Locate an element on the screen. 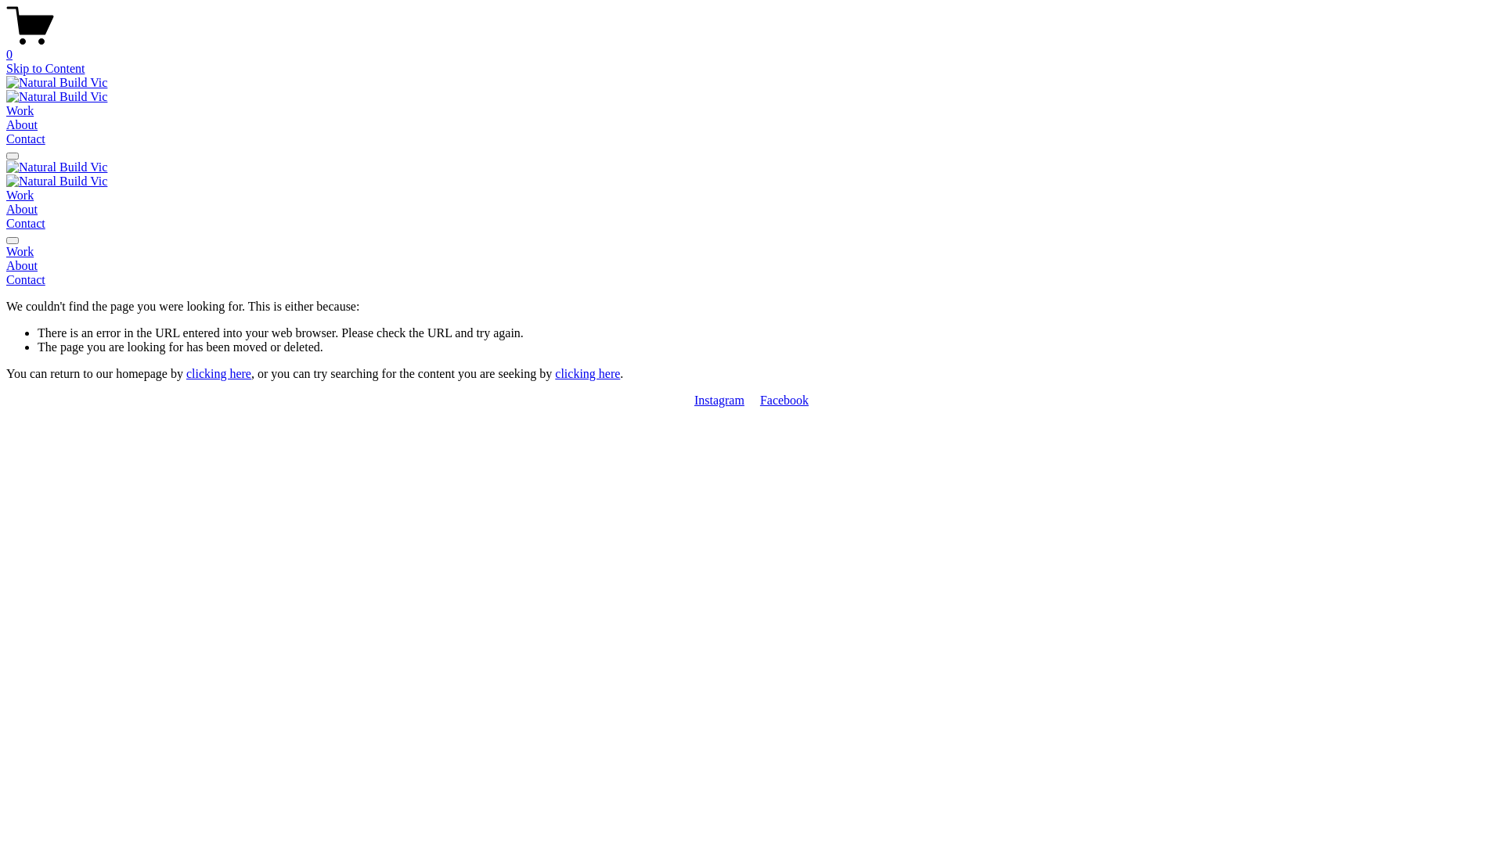 The height and width of the screenshot is (845, 1503). 'Work' is located at coordinates (20, 194).